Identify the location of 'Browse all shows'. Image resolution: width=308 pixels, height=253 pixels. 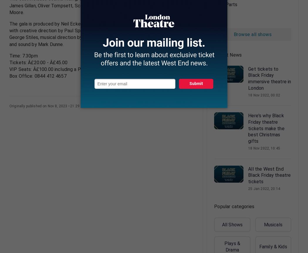
(253, 34).